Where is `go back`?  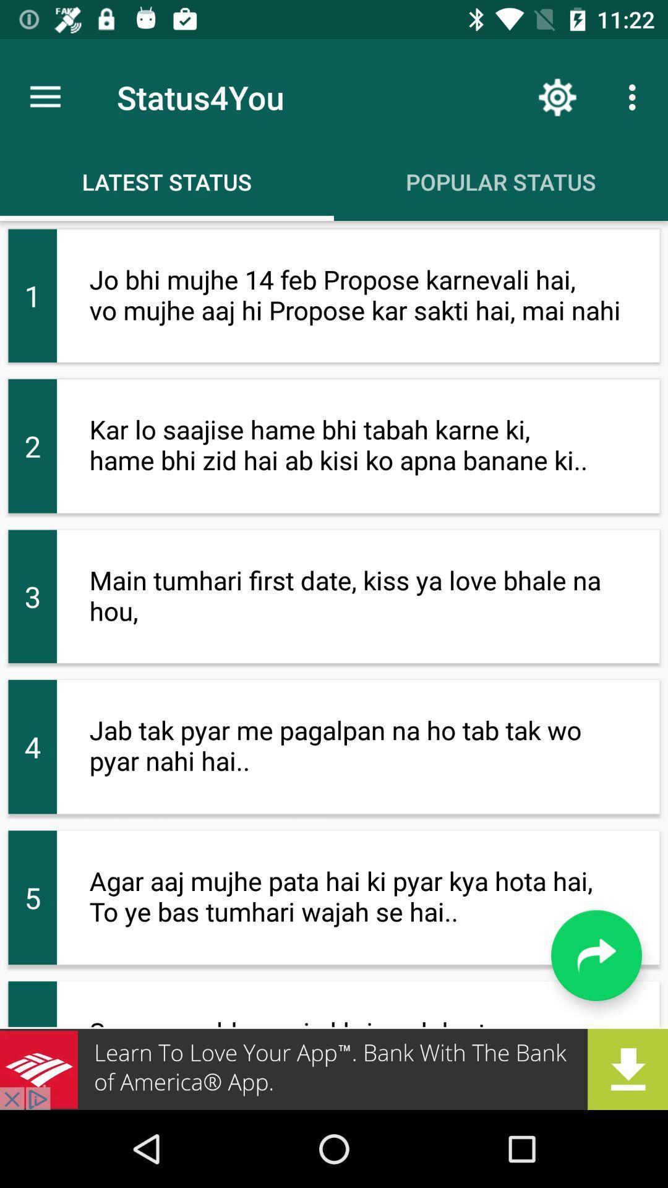
go back is located at coordinates (596, 955).